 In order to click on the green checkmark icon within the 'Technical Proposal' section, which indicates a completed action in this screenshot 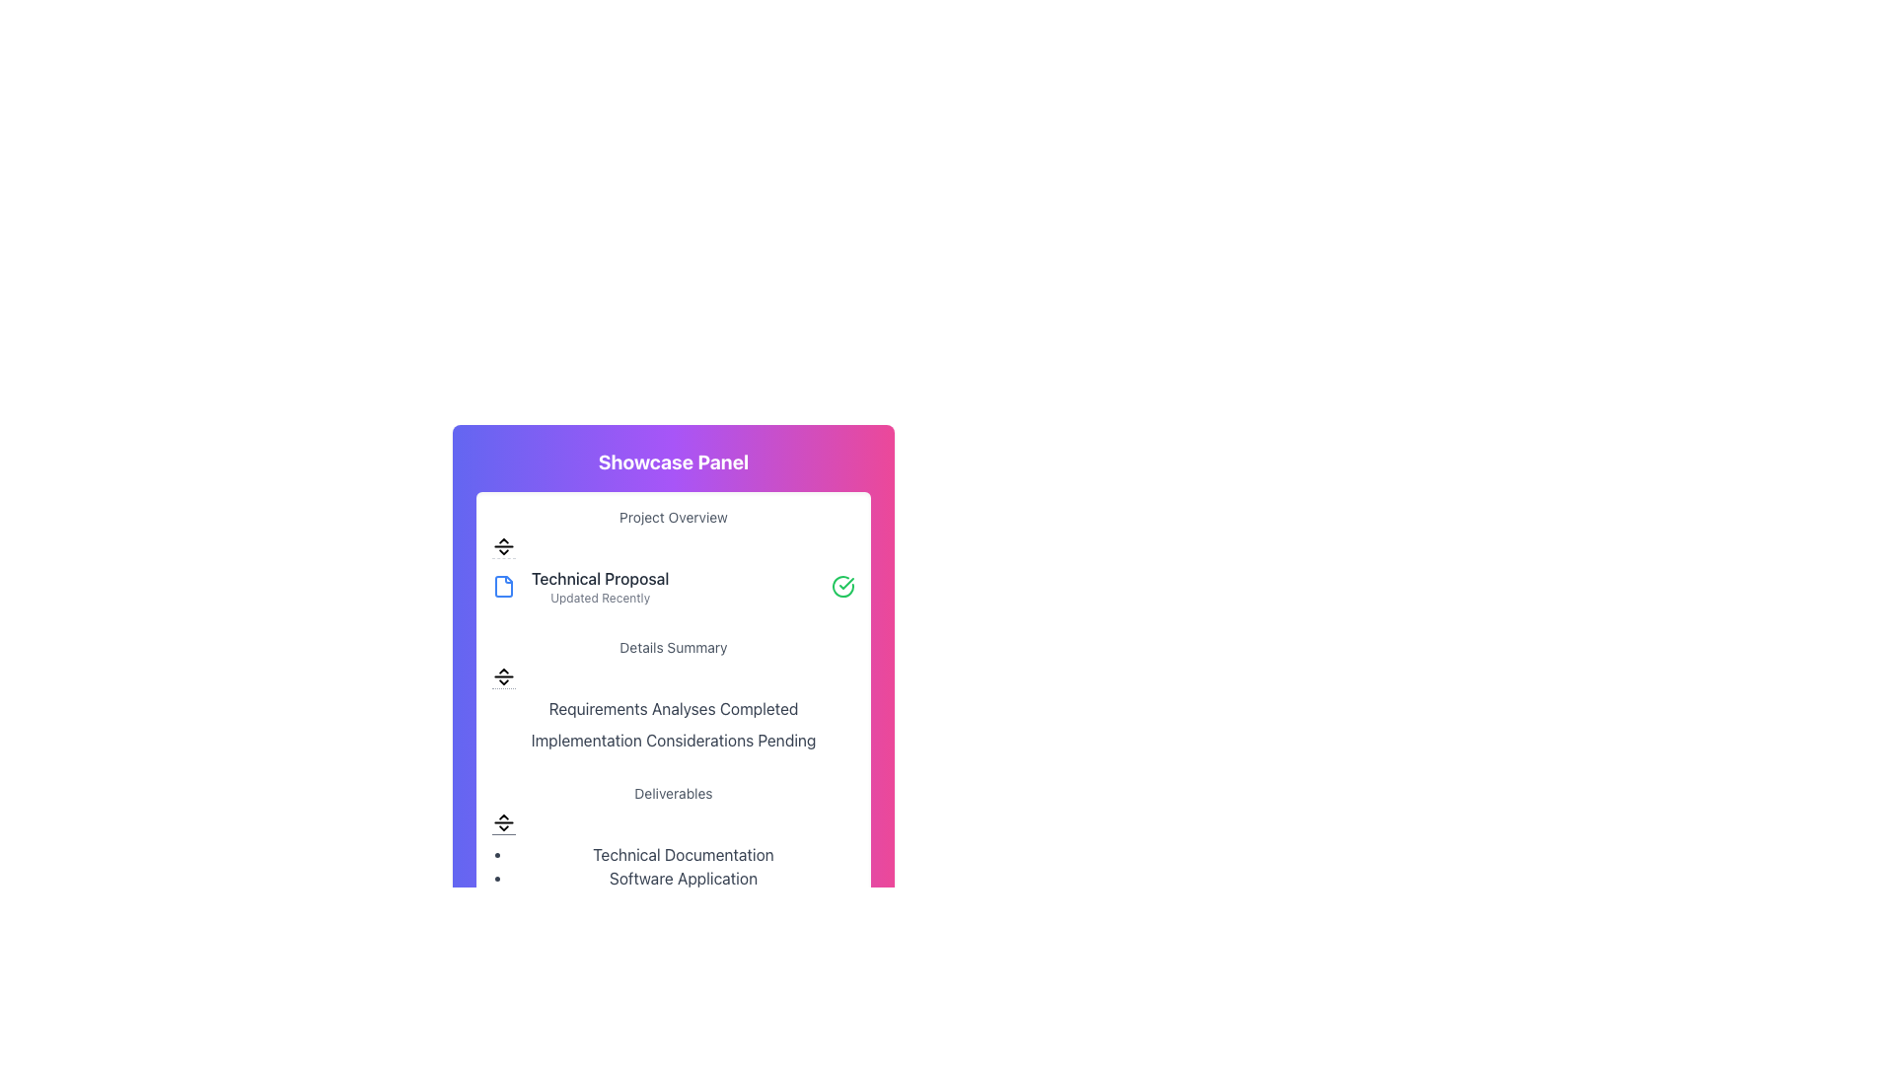, I will do `click(846, 582)`.